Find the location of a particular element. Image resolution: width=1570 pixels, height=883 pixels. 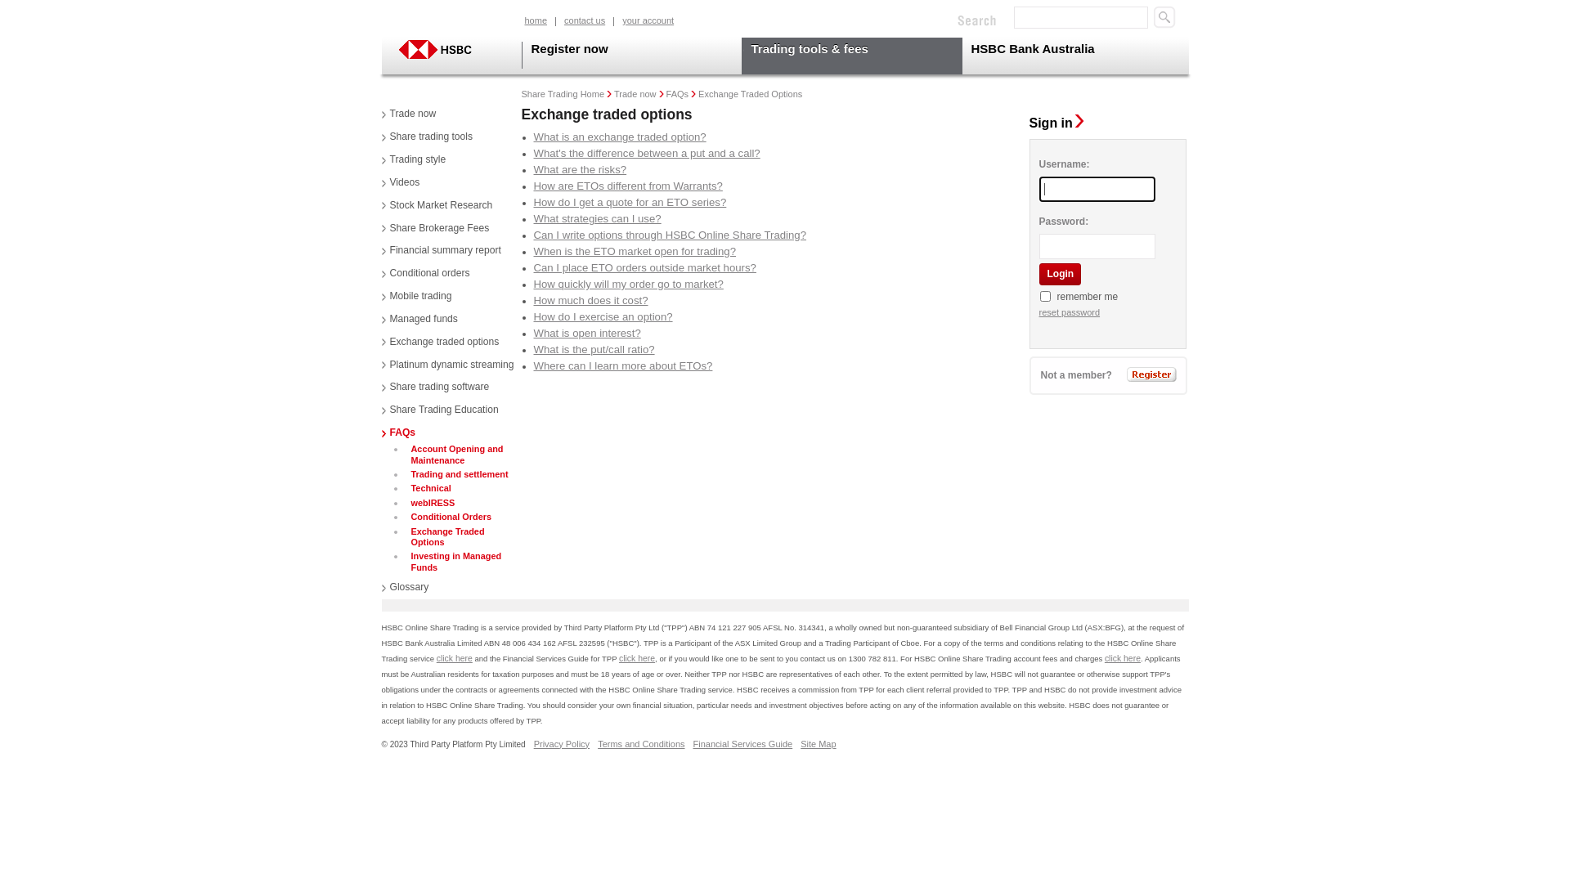

'Trading style' is located at coordinates (413, 160).